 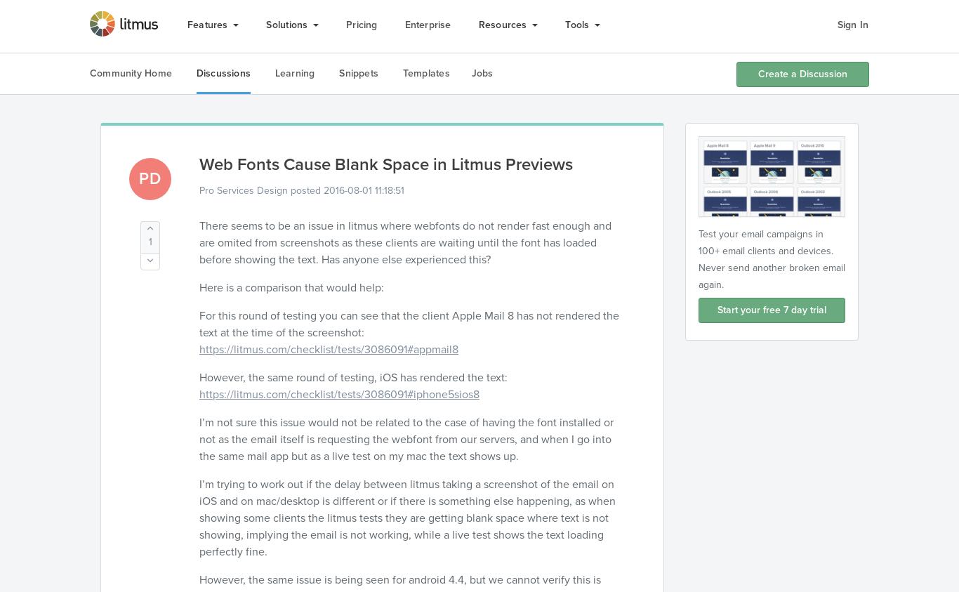 I want to click on '2016-08-01 11:18:51', so click(x=364, y=190).